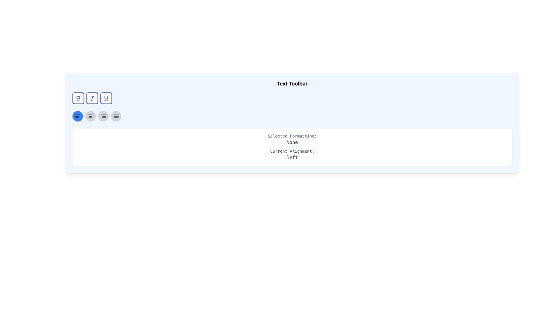  I want to click on the circular button with a gray background and three horizontal lines to align text to the center, so click(90, 116).